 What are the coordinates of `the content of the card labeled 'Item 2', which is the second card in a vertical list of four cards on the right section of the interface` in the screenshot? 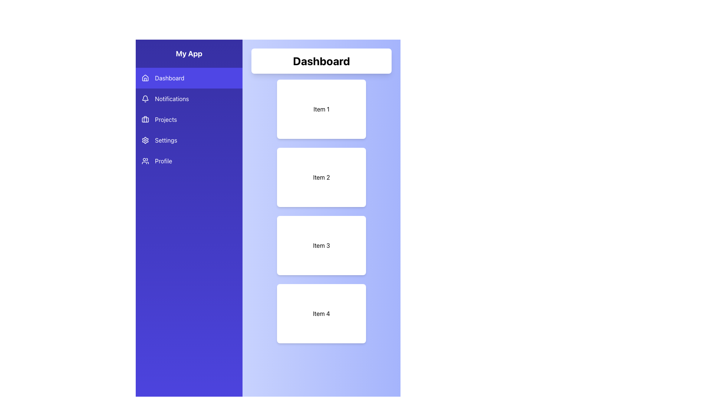 It's located at (322, 177).